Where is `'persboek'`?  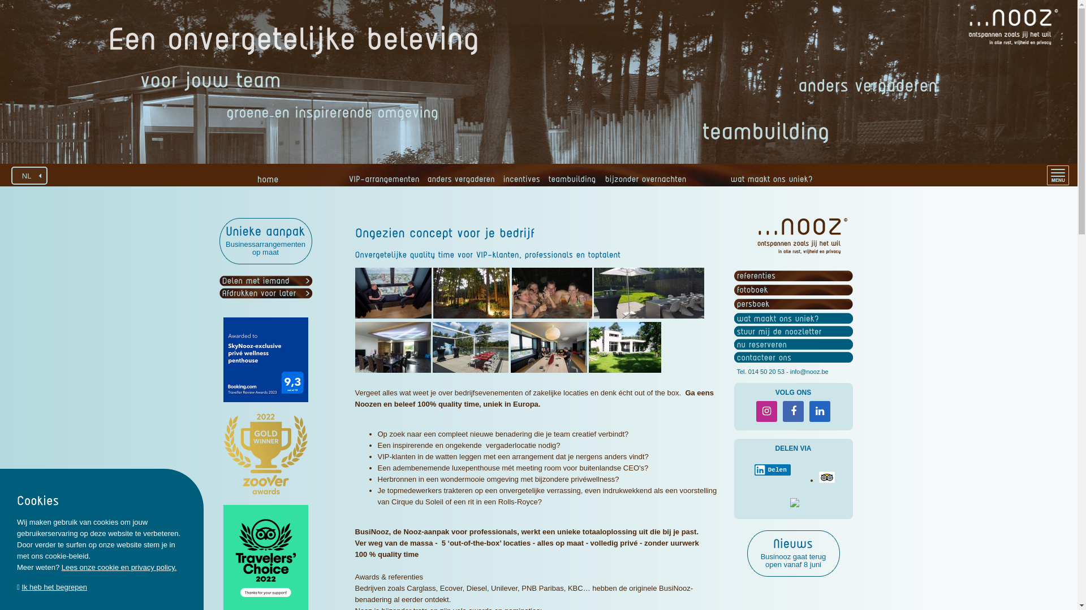 'persboek' is located at coordinates (752, 303).